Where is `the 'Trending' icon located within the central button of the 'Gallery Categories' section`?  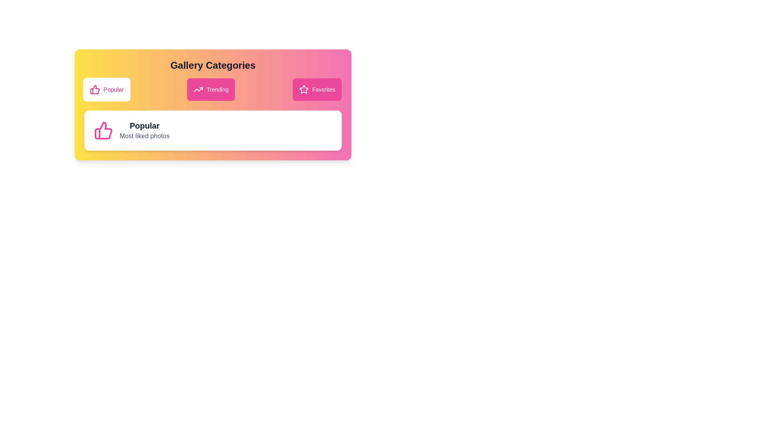 the 'Trending' icon located within the central button of the 'Gallery Categories' section is located at coordinates (198, 90).